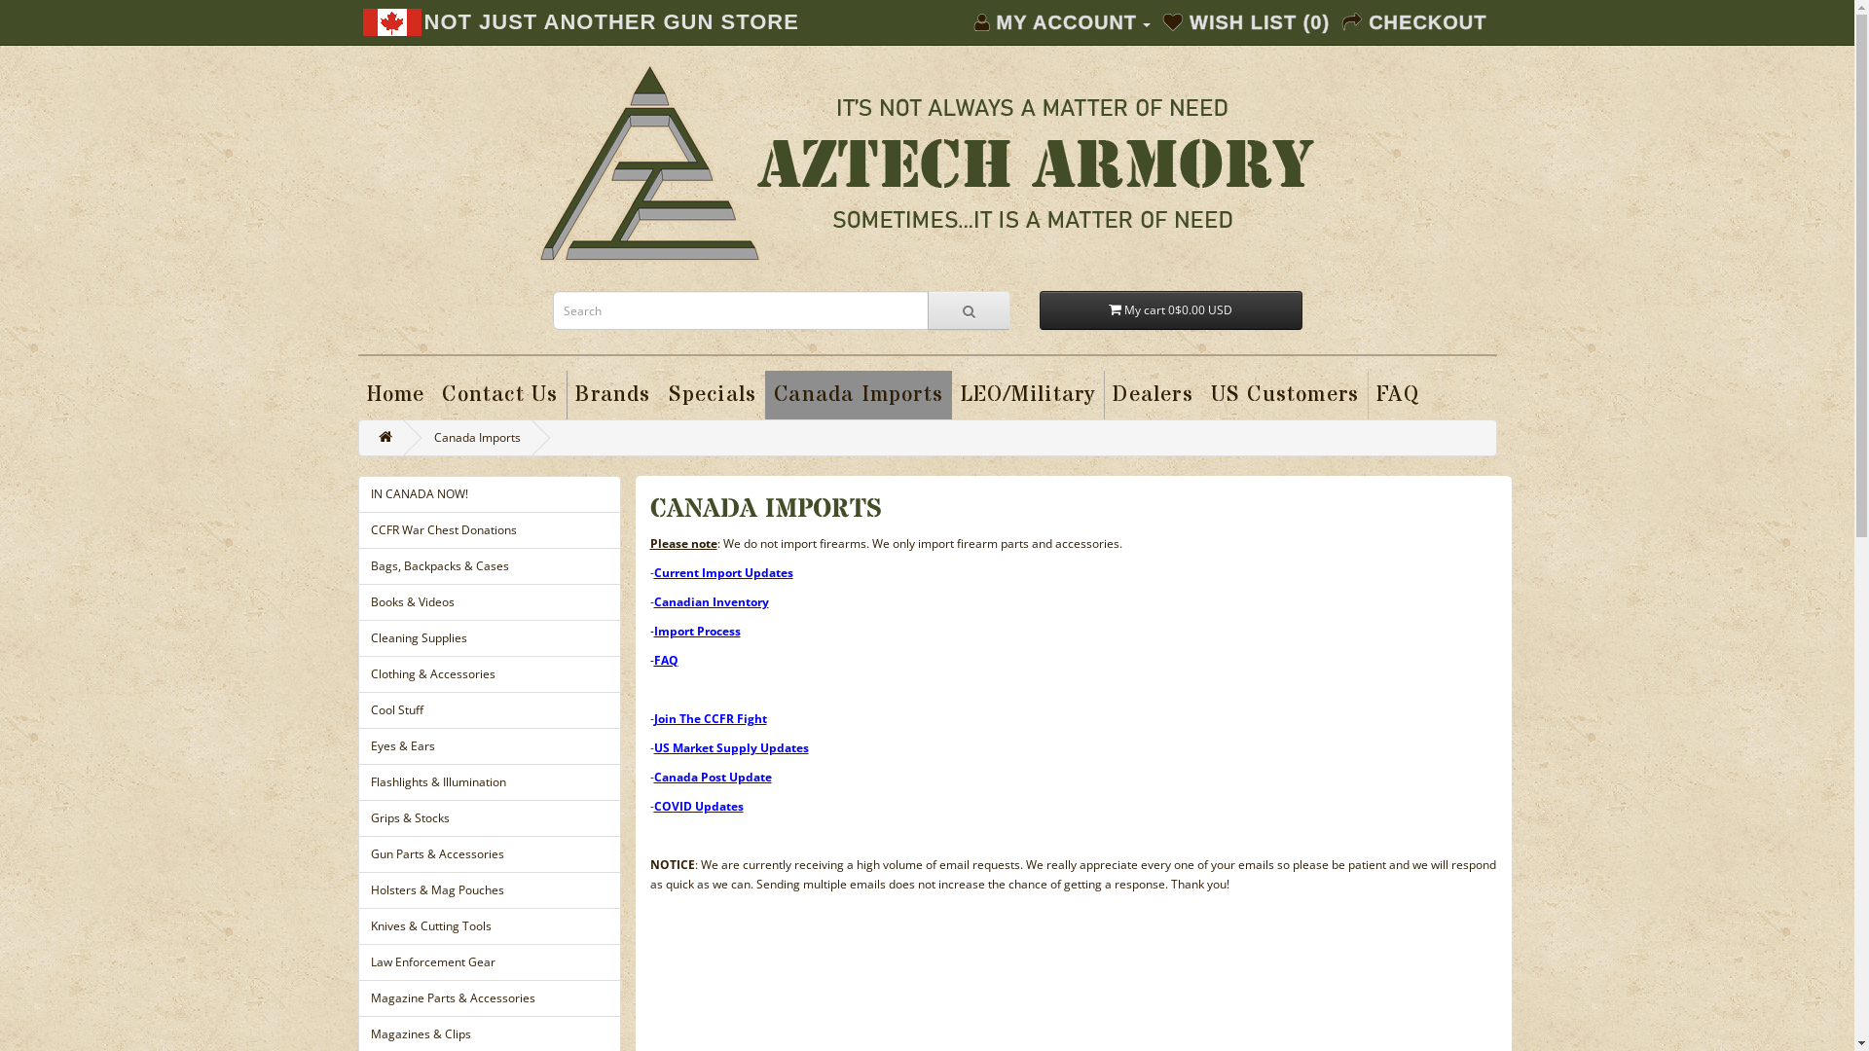  What do you see at coordinates (712, 776) in the screenshot?
I see `'Canada Post Update'` at bounding box center [712, 776].